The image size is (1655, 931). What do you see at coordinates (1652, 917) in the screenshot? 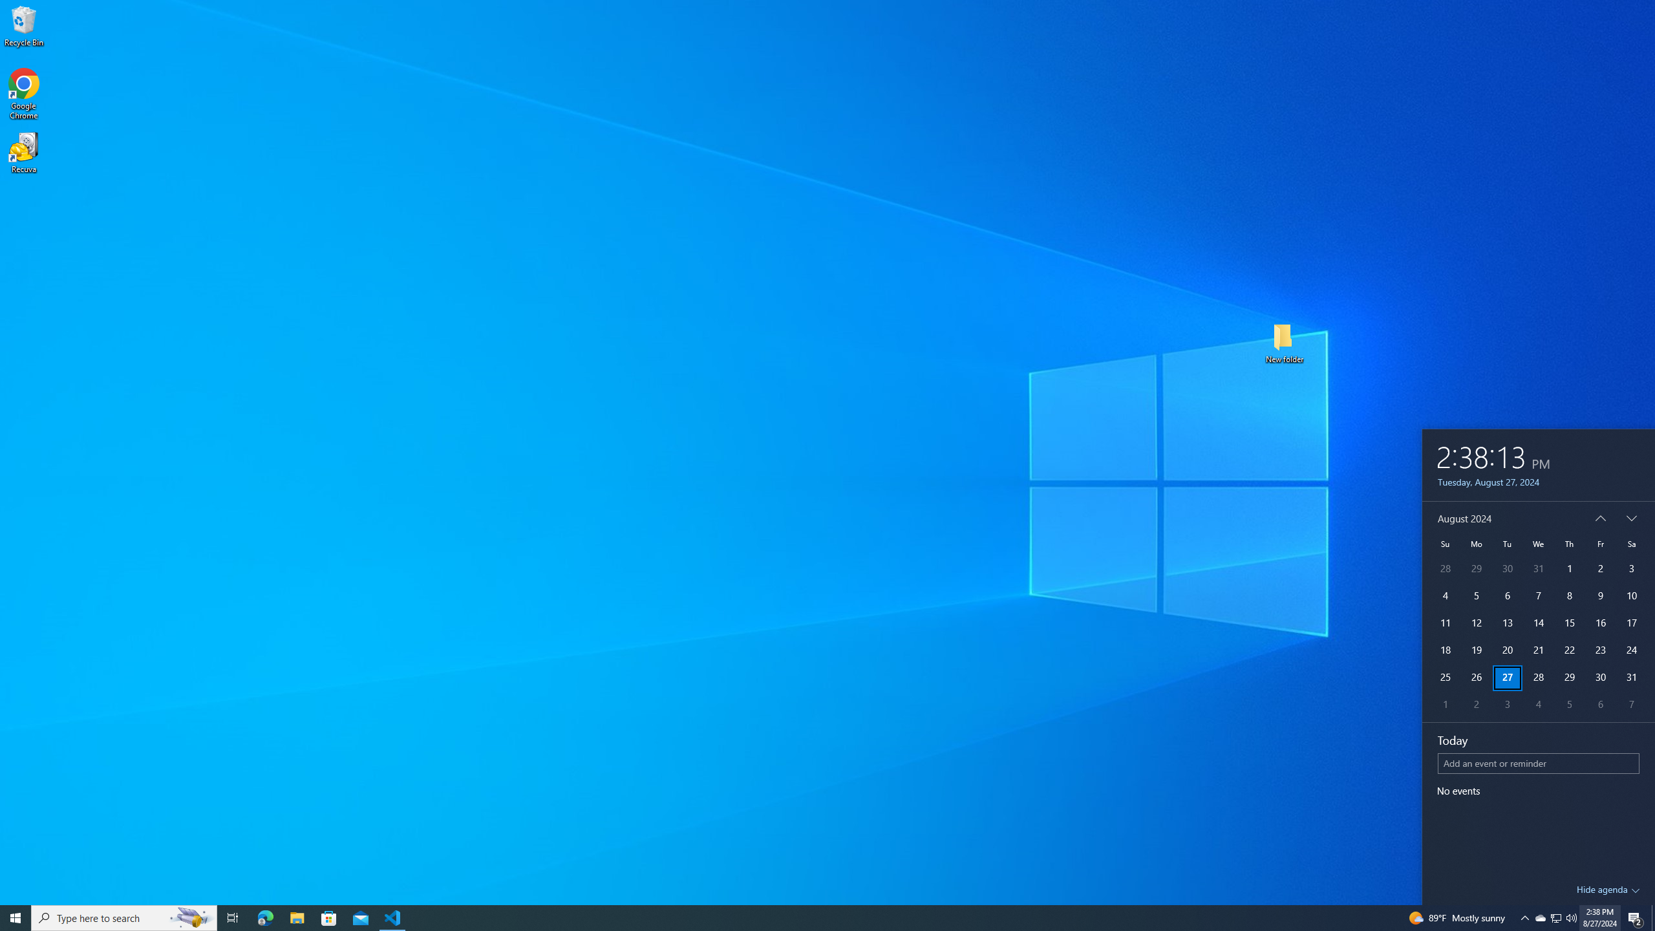
I see `'Show desktop'` at bounding box center [1652, 917].